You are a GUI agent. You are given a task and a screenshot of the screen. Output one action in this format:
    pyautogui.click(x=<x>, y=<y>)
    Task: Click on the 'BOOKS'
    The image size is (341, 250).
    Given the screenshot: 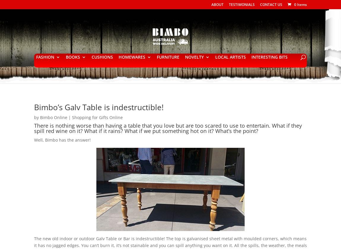 What is the action you would take?
    pyautogui.click(x=72, y=57)
    